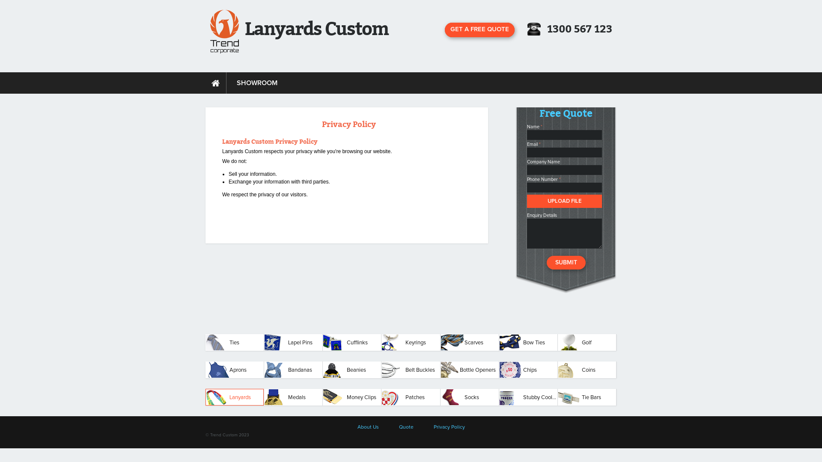 The image size is (822, 462). I want to click on 'Cufflinks', so click(351, 342).